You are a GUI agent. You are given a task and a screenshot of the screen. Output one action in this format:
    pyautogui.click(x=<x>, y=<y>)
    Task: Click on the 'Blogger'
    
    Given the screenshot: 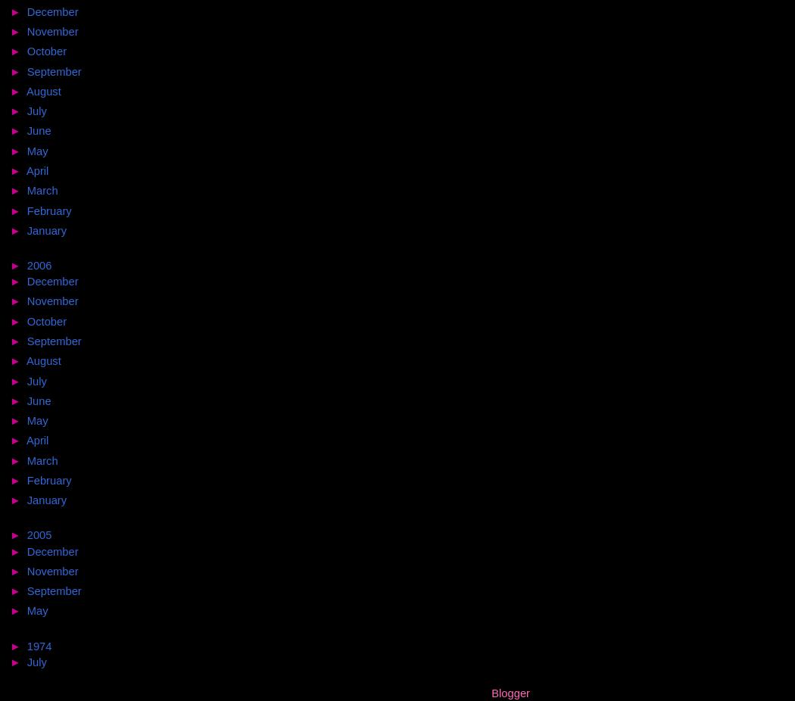 What is the action you would take?
    pyautogui.click(x=509, y=692)
    